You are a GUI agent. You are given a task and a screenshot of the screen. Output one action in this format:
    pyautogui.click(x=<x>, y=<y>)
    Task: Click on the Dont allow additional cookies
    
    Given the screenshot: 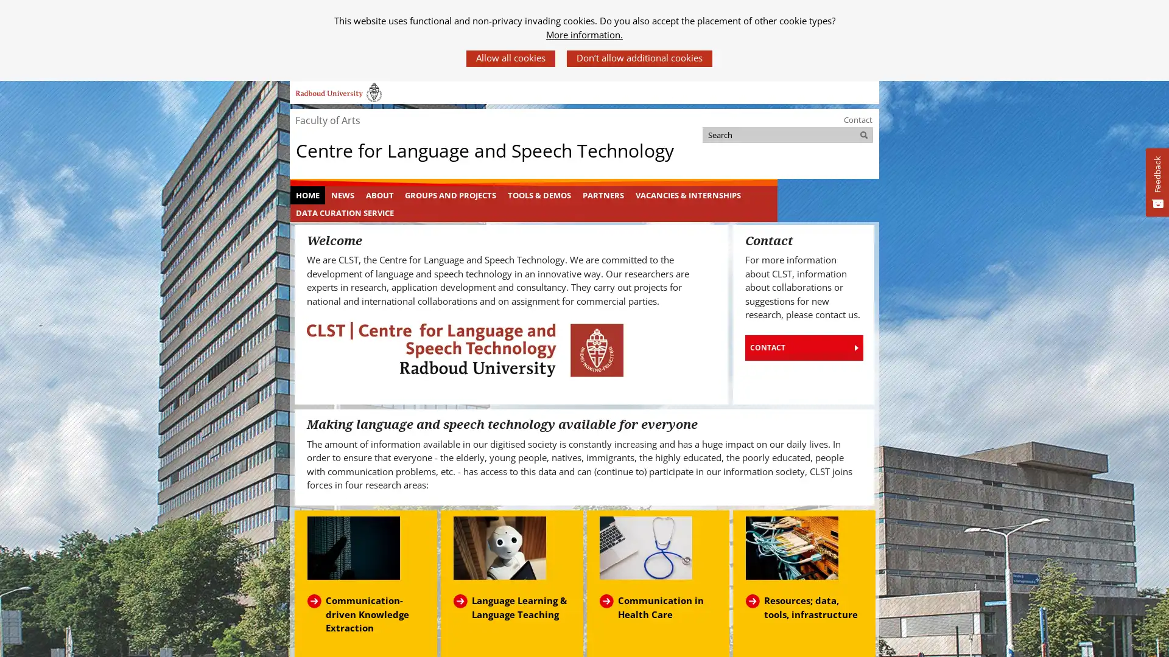 What is the action you would take?
    pyautogui.click(x=638, y=58)
    